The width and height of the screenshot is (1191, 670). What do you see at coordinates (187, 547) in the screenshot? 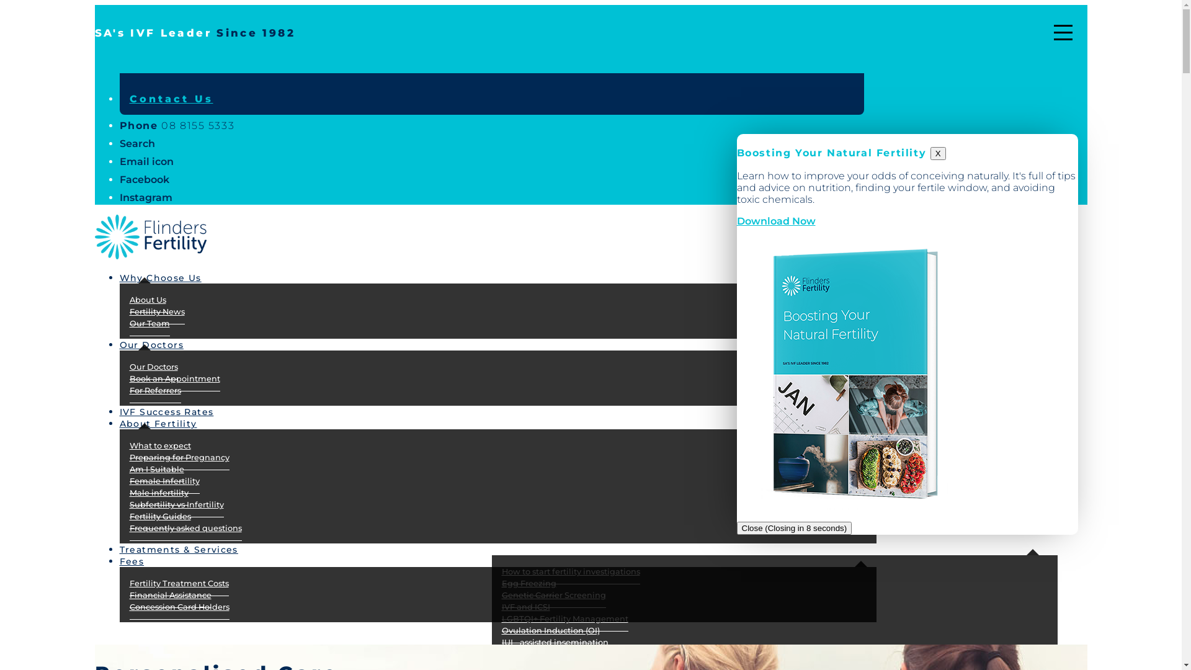
I see `'Treatments & Services'` at bounding box center [187, 547].